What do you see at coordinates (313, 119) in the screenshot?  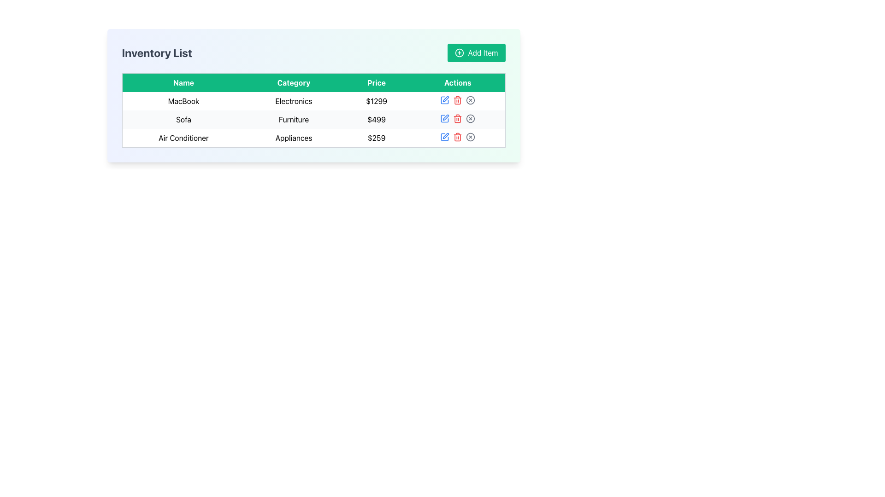 I see `to select the second row of the table containing the values 'Sofa', 'Furniture', and '$499'` at bounding box center [313, 119].